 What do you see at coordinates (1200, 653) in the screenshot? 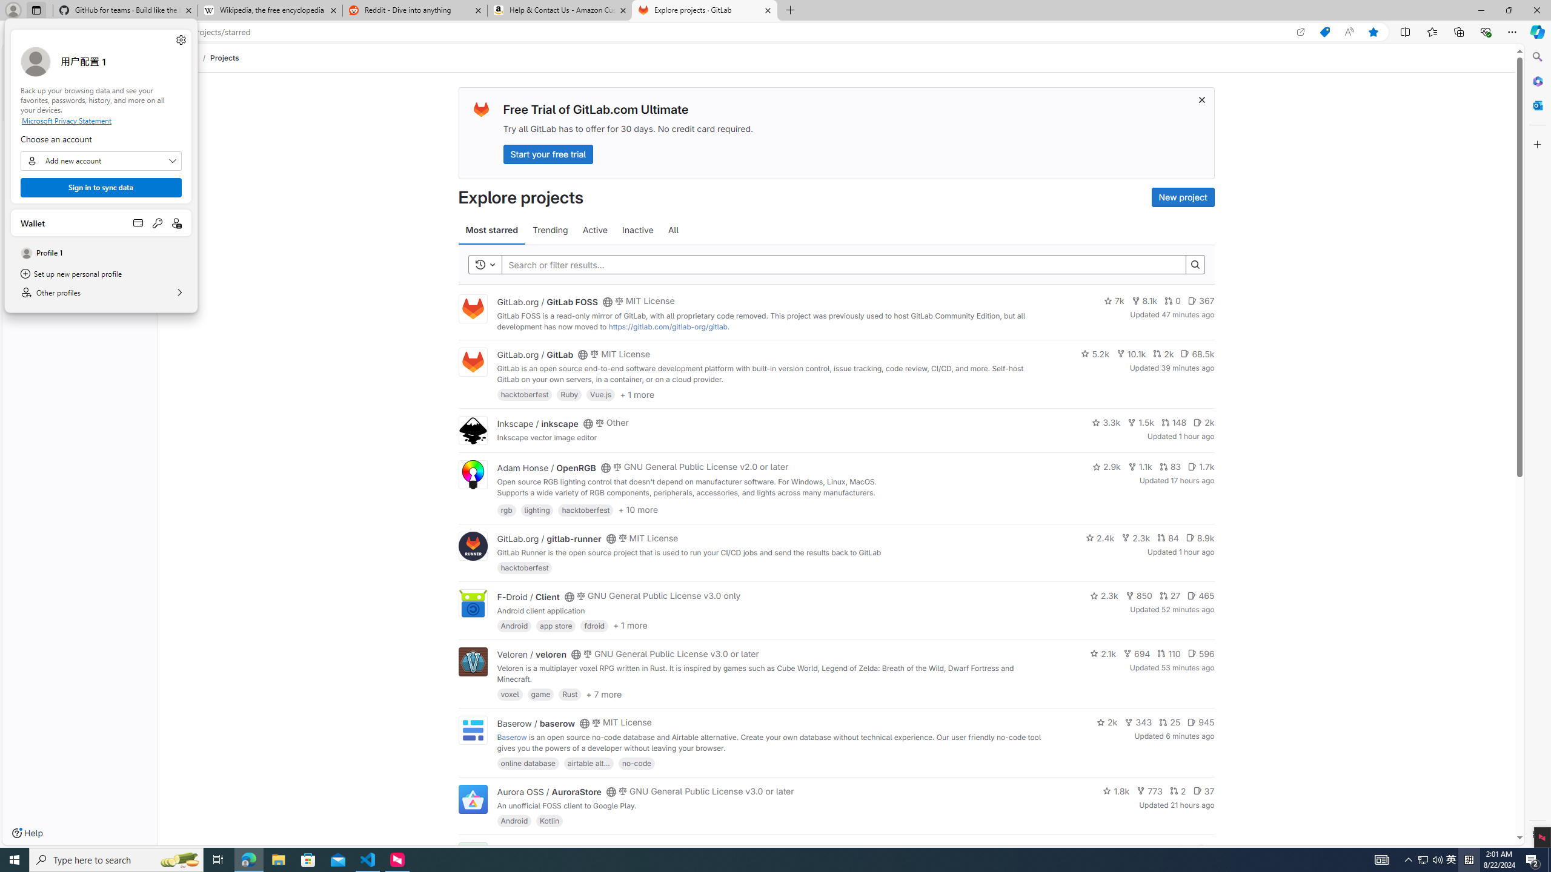
I see `'596'` at bounding box center [1200, 653].